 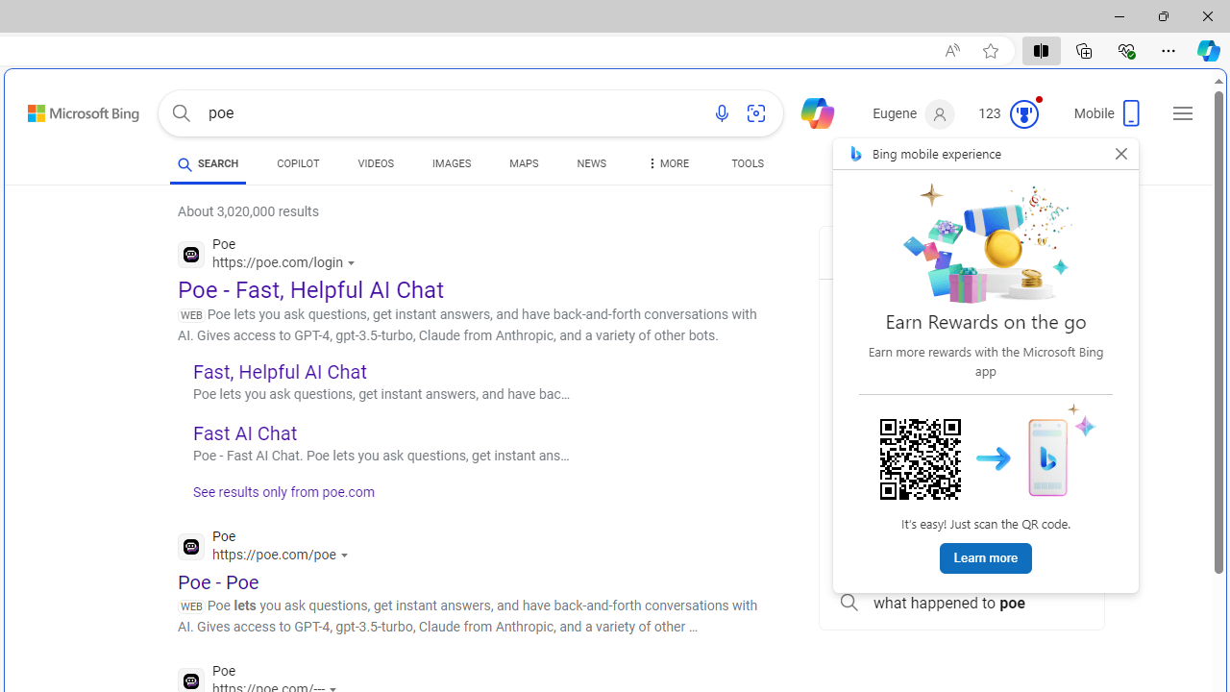 What do you see at coordinates (524, 165) in the screenshot?
I see `'MAPS'` at bounding box center [524, 165].